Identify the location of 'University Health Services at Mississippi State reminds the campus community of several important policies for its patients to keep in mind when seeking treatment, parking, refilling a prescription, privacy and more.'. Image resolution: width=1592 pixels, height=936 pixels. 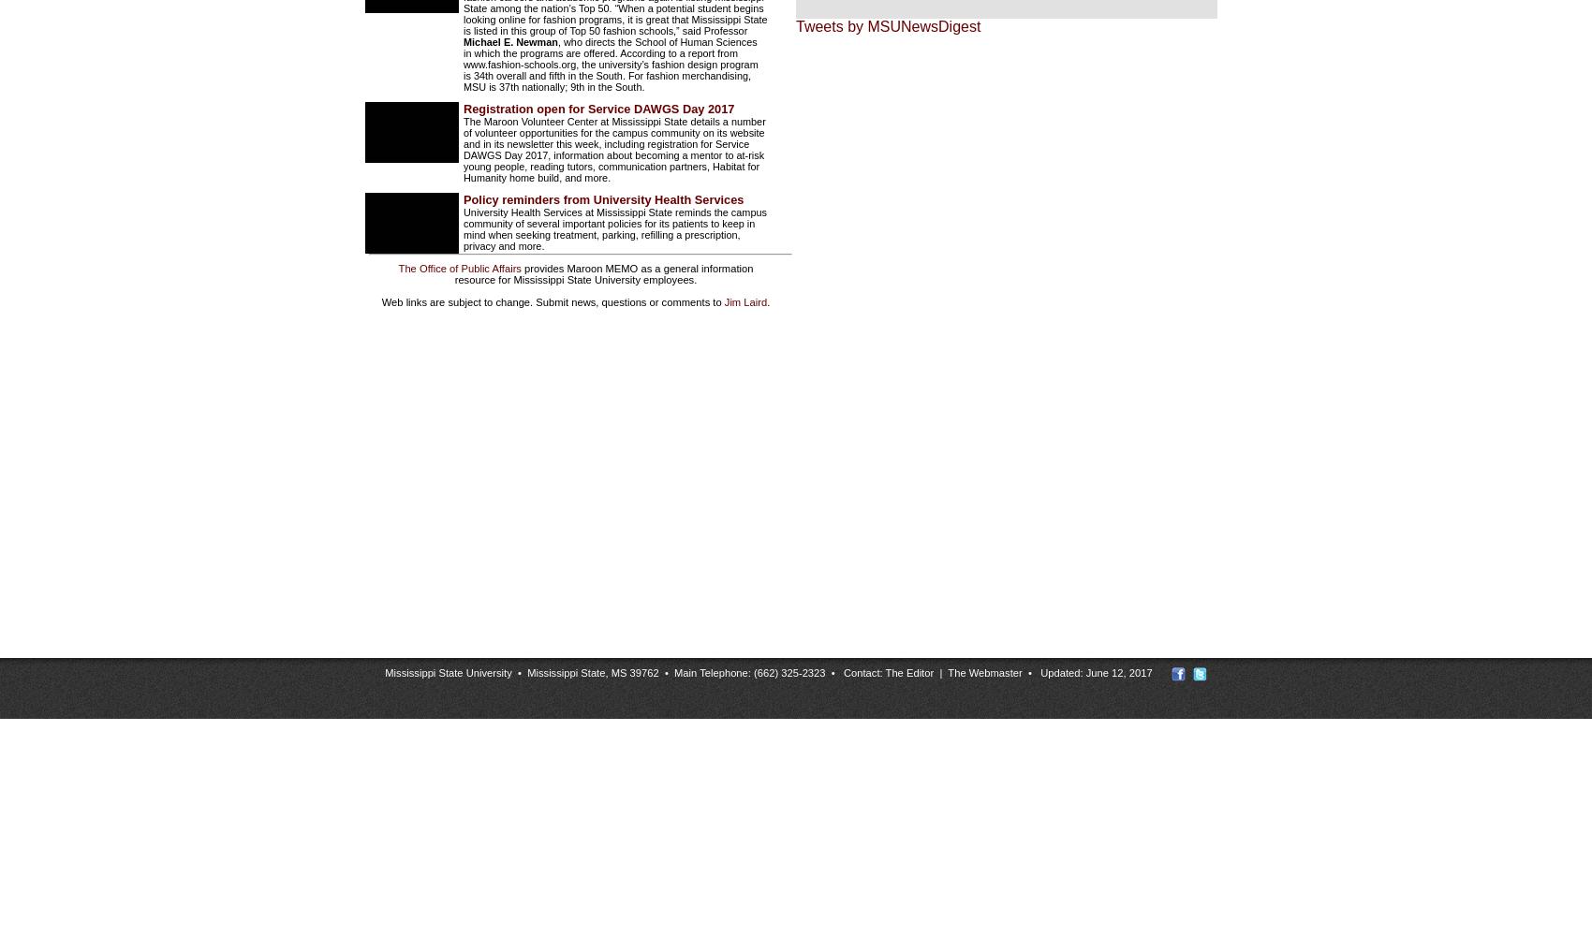
(614, 228).